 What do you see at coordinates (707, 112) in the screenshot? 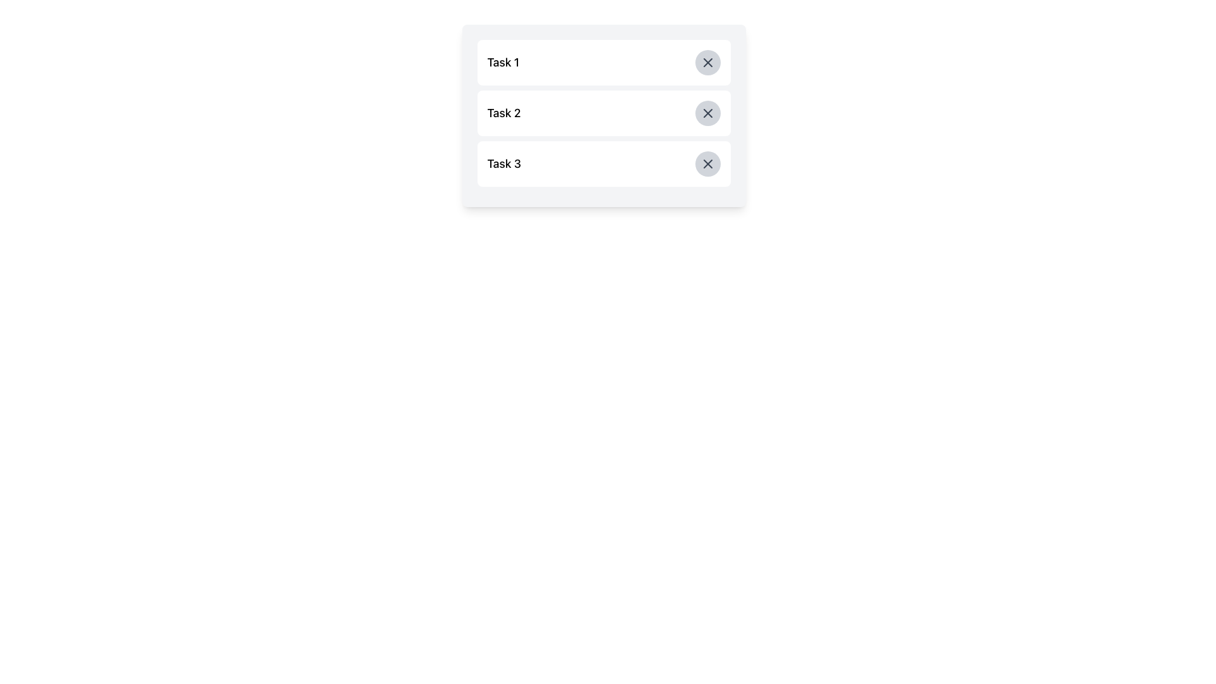
I see `the circular button containing the cross-shaped icon next to the 'Task 2' label` at bounding box center [707, 112].